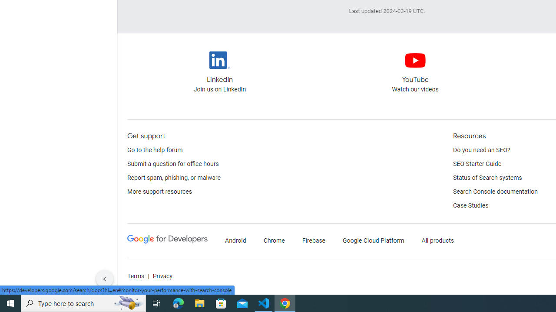 This screenshot has height=312, width=556. I want to click on 'Submit a question for office hours', so click(173, 164).